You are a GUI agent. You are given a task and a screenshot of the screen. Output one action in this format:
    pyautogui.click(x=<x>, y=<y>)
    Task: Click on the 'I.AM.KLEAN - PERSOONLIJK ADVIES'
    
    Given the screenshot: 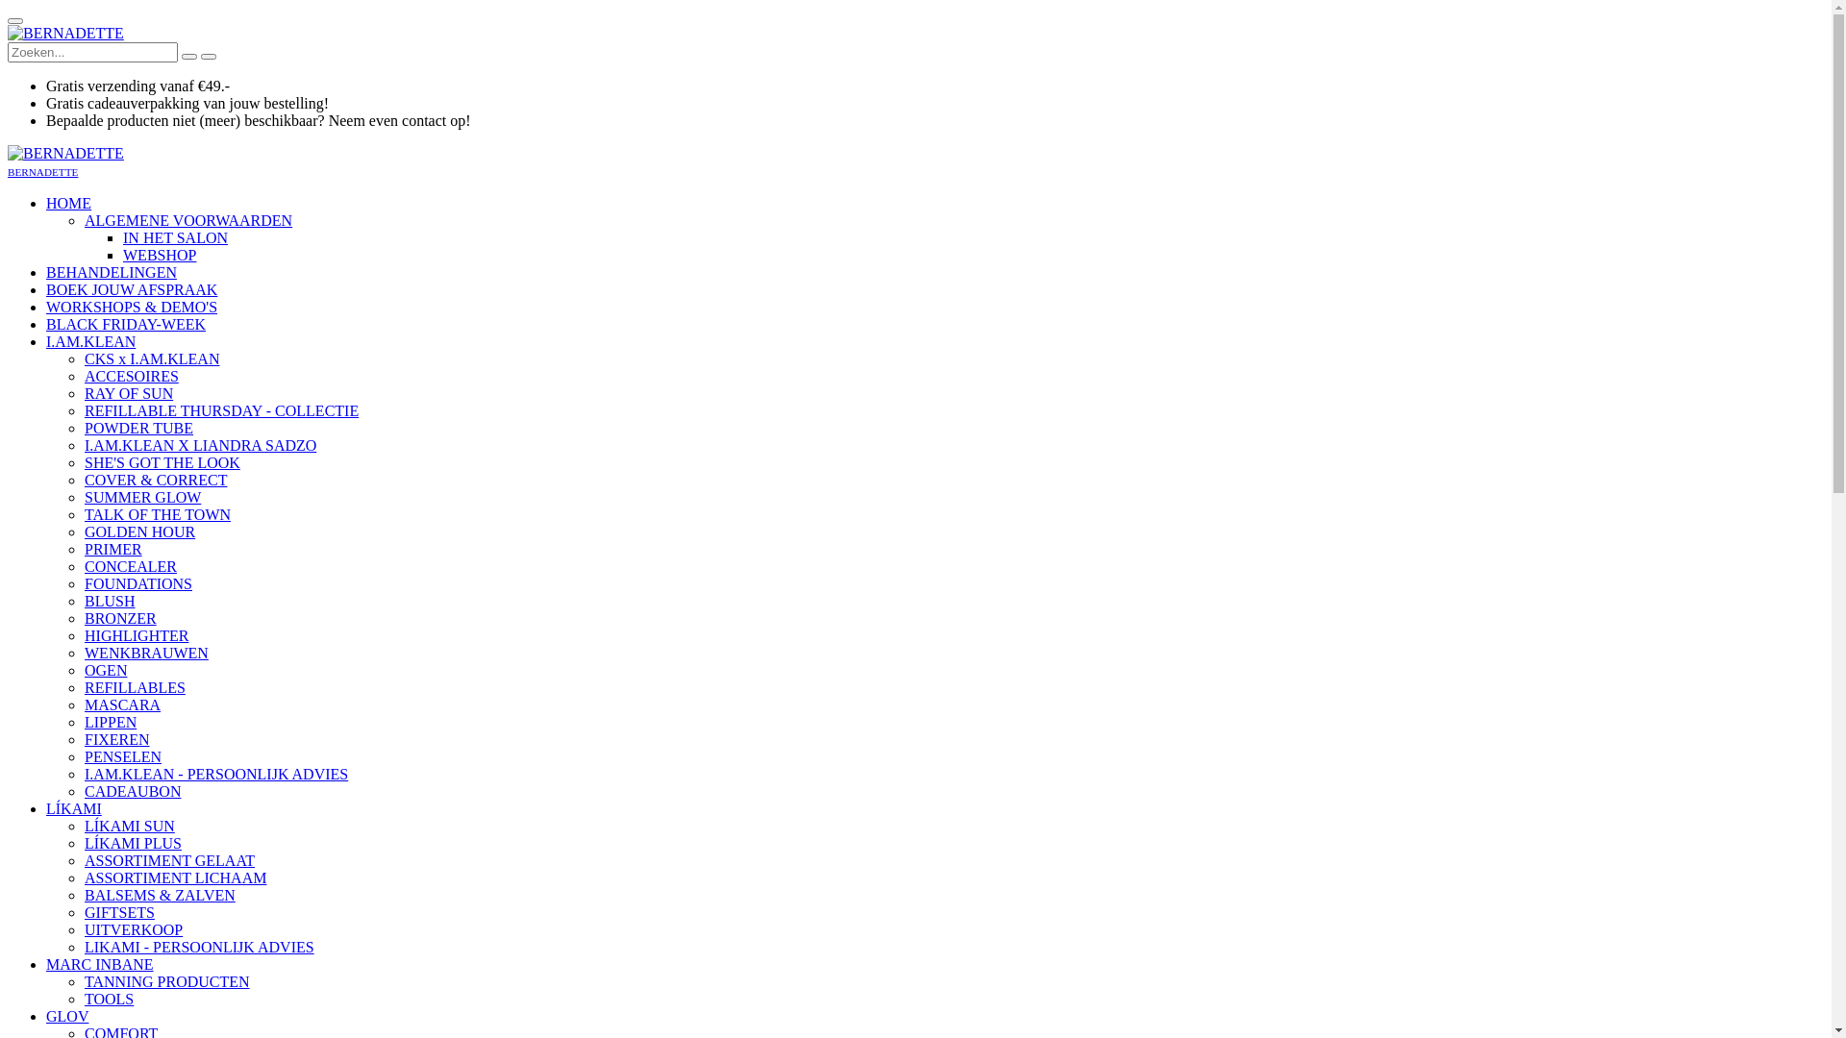 What is the action you would take?
    pyautogui.click(x=216, y=773)
    